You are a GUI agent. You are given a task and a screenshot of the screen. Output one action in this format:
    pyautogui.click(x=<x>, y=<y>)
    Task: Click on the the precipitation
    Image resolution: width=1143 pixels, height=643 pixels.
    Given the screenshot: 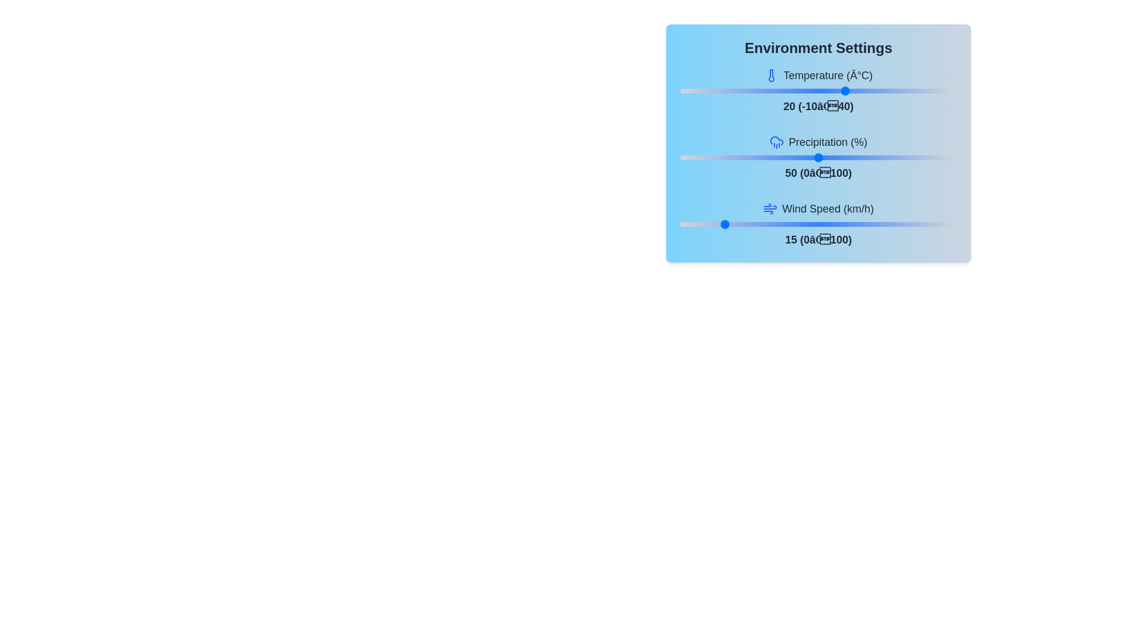 What is the action you would take?
    pyautogui.click(x=885, y=157)
    